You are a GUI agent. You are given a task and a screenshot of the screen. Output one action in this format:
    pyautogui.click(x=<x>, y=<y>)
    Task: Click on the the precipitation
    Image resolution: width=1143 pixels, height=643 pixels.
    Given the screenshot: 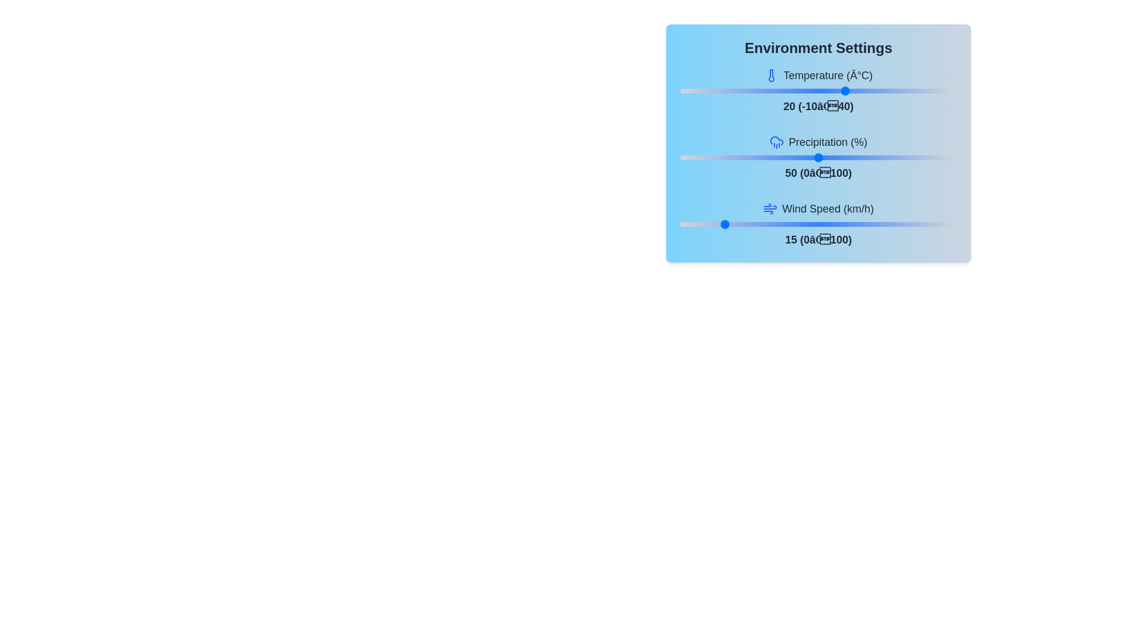 What is the action you would take?
    pyautogui.click(x=885, y=157)
    